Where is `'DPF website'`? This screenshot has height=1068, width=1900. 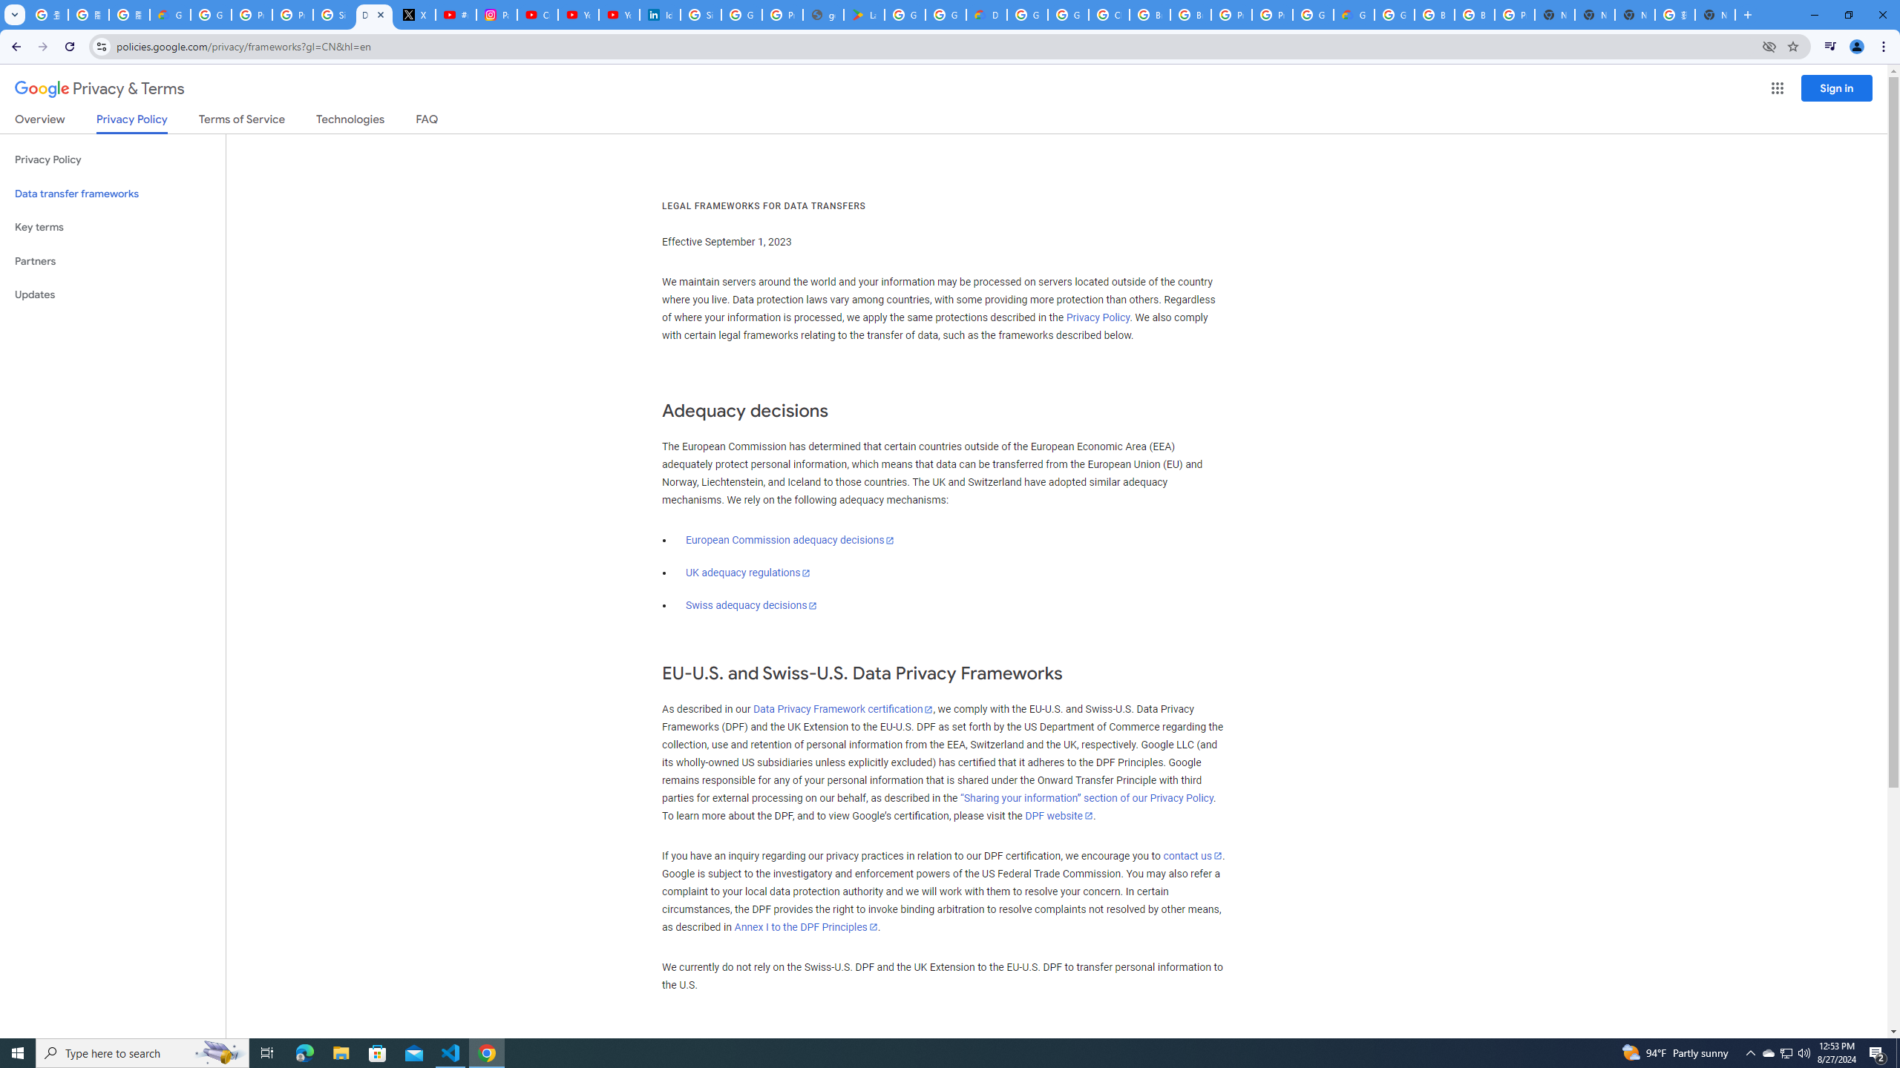
'DPF website' is located at coordinates (1057, 815).